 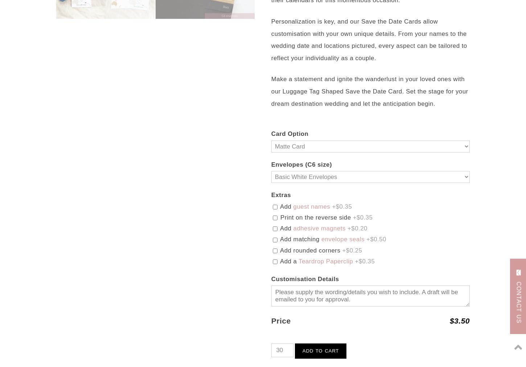 What do you see at coordinates (462, 320) in the screenshot?
I see `'3.50'` at bounding box center [462, 320].